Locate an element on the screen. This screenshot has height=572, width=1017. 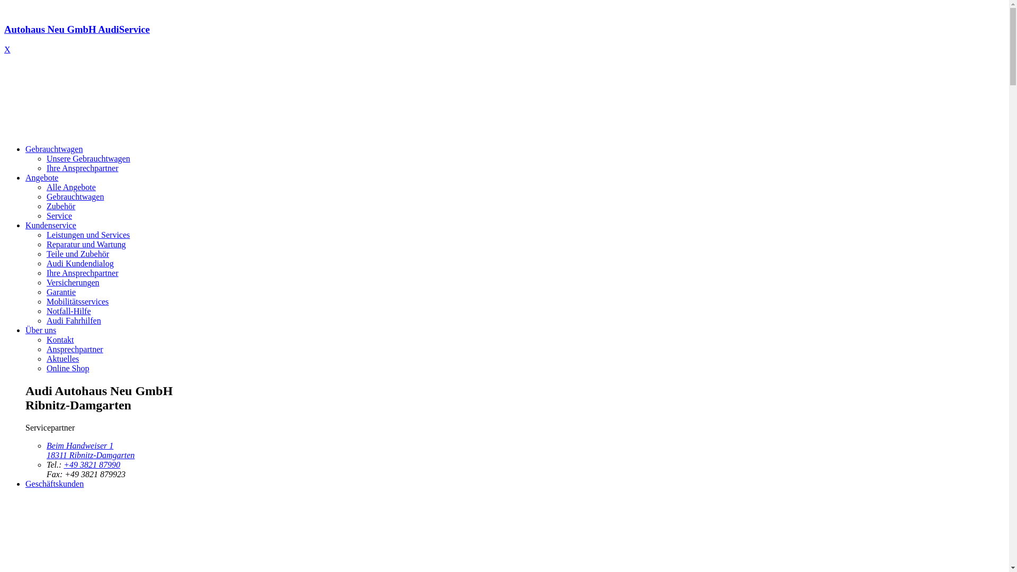
'Garantie' is located at coordinates (60, 292).